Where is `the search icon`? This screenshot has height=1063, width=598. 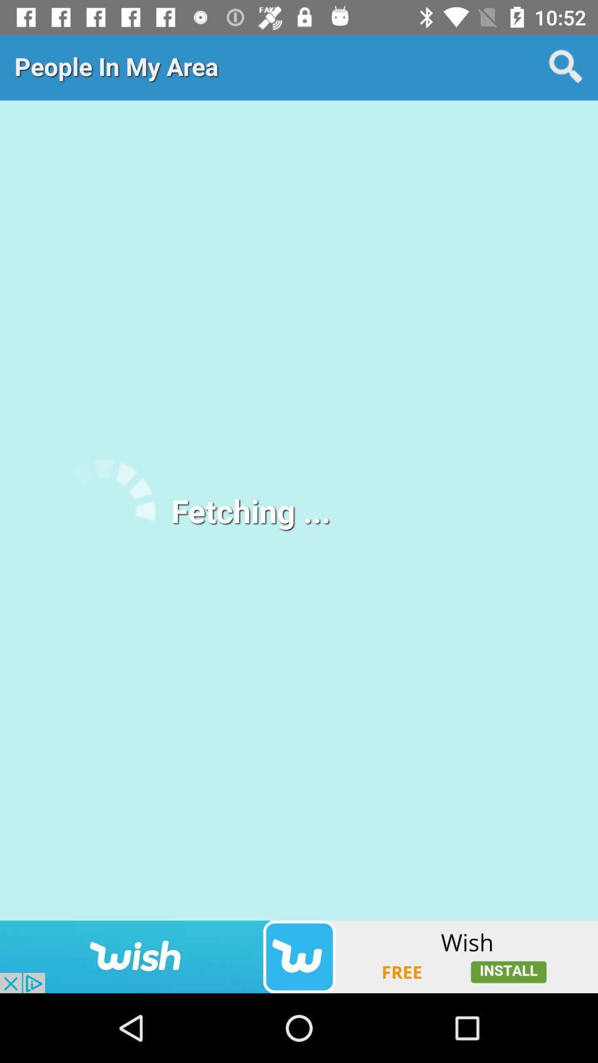 the search icon is located at coordinates (565, 66).